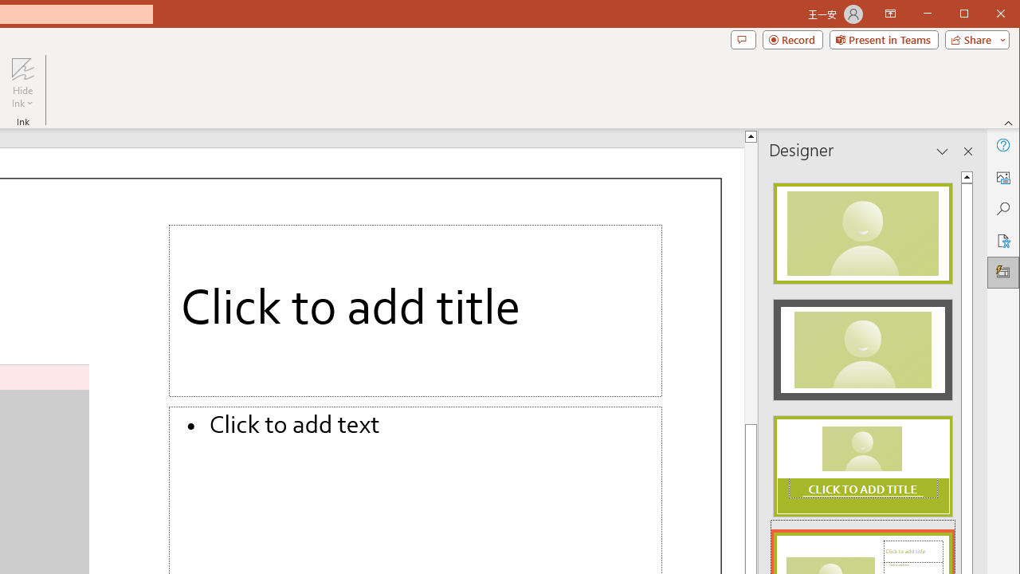  I want to click on 'Recommended Design: Design Idea', so click(861, 228).